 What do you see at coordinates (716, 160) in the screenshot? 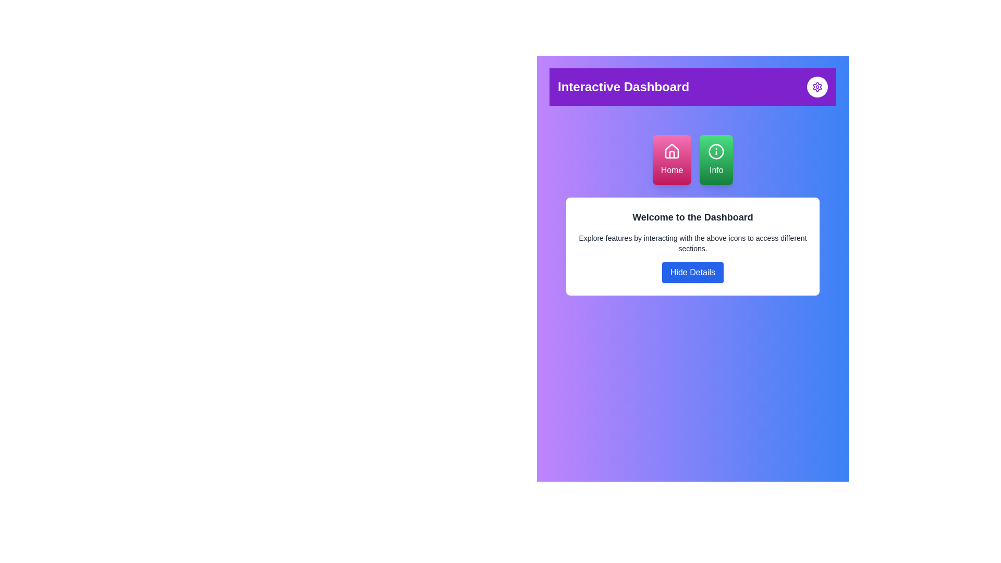
I see `the informational button located on the right side of the button group in the dashboard interface` at bounding box center [716, 160].